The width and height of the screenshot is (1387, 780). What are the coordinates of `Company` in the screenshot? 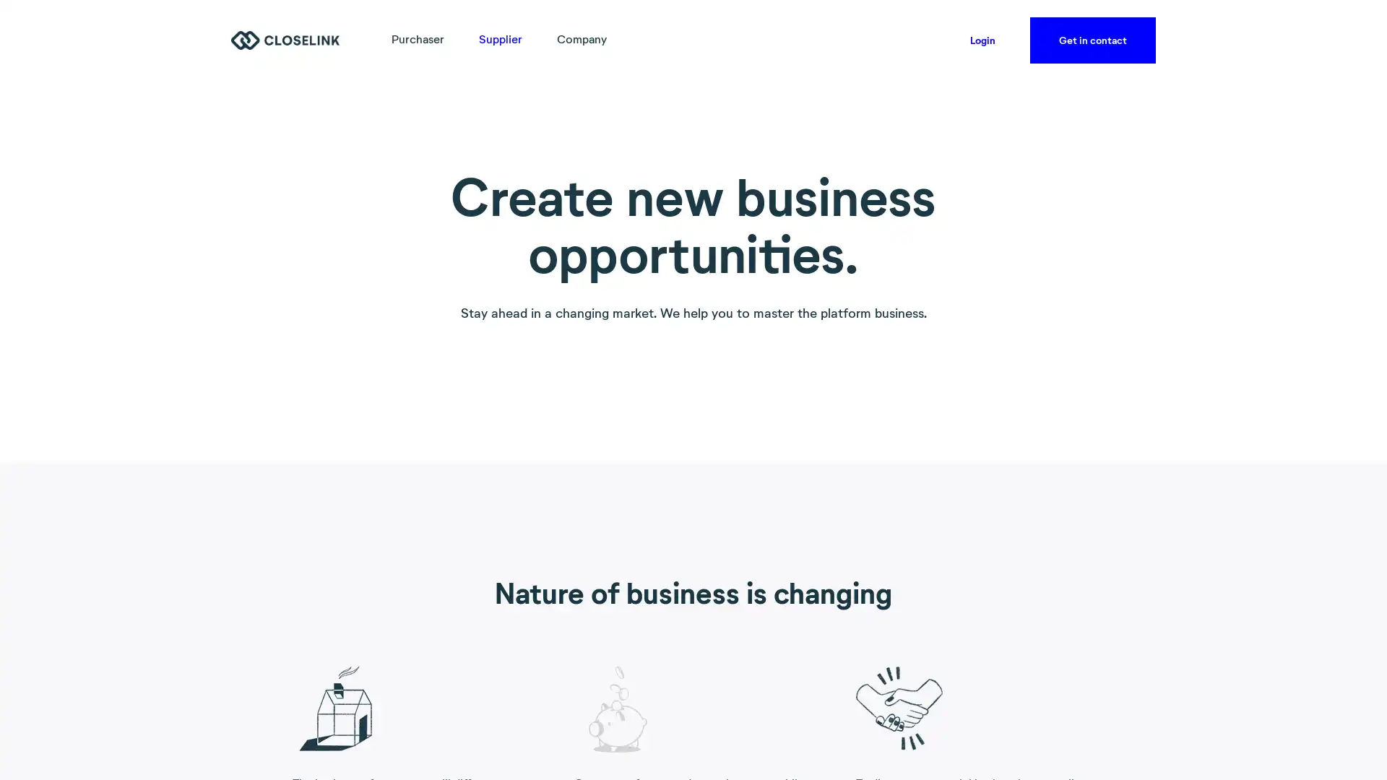 It's located at (582, 40).